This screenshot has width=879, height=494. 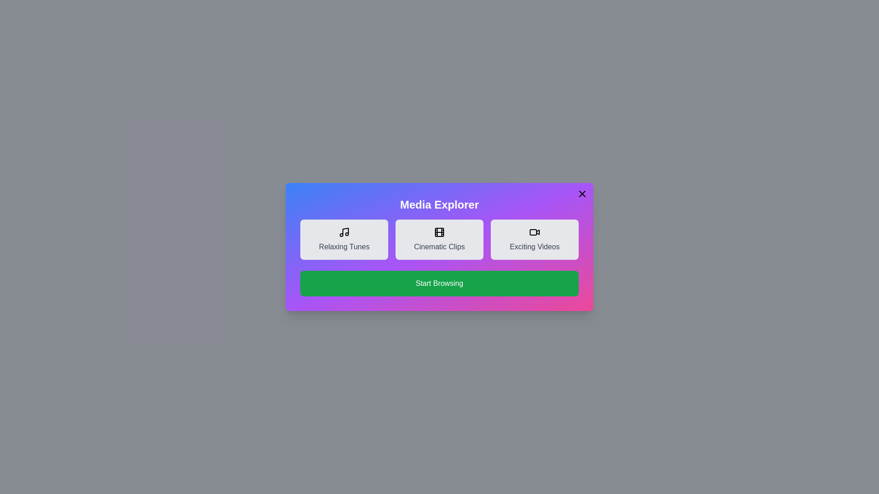 I want to click on the 'Media Explorer' heading to simulate reading it, so click(x=439, y=204).